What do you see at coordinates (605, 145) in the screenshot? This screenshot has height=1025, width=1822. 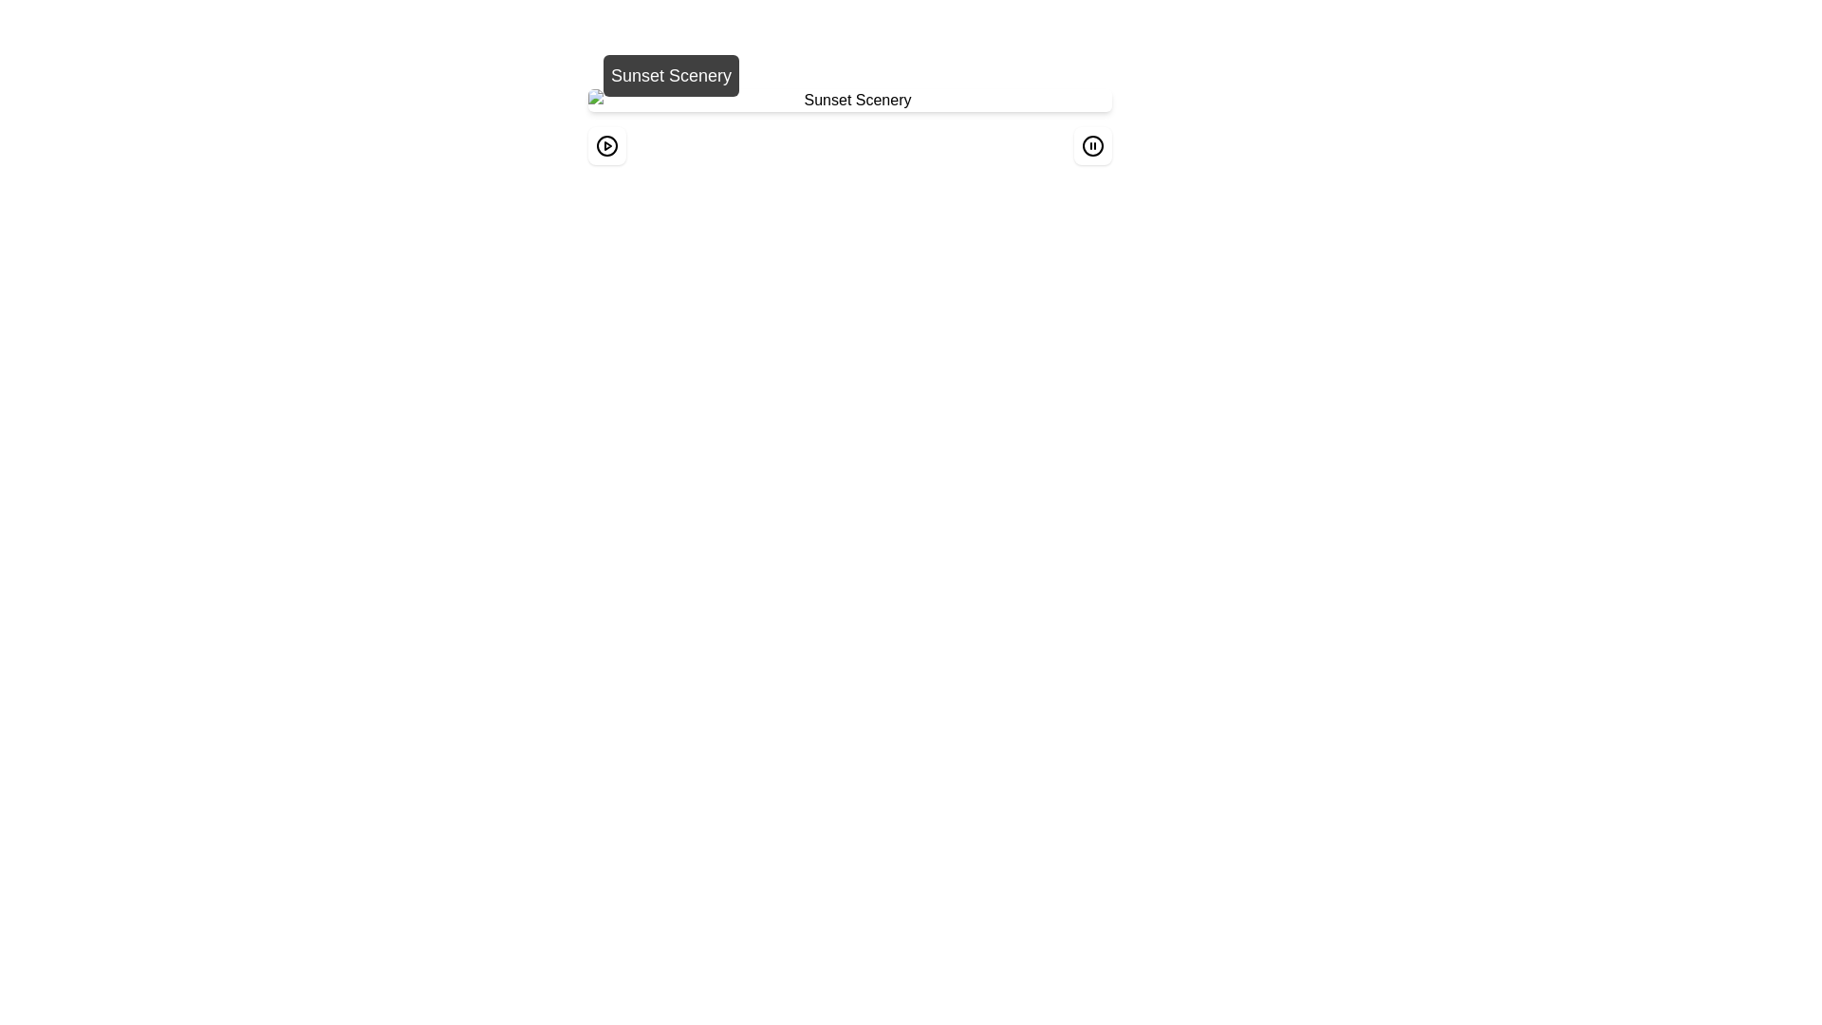 I see `the circular play button located on the left side of a horizontal UI block` at bounding box center [605, 145].